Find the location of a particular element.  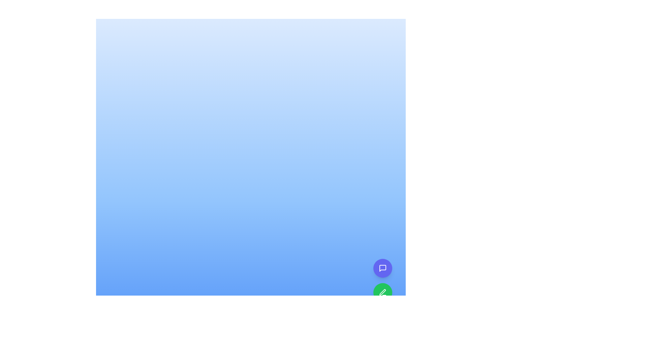

the stylized pen icon within the green circular button at the bottom-right corner of the interface is located at coordinates (382, 292).